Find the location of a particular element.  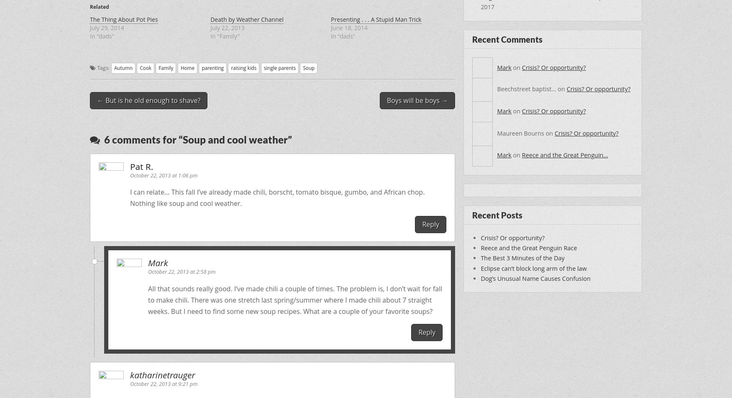

'October 22, 2013 at 9:21 pm' is located at coordinates (129, 383).